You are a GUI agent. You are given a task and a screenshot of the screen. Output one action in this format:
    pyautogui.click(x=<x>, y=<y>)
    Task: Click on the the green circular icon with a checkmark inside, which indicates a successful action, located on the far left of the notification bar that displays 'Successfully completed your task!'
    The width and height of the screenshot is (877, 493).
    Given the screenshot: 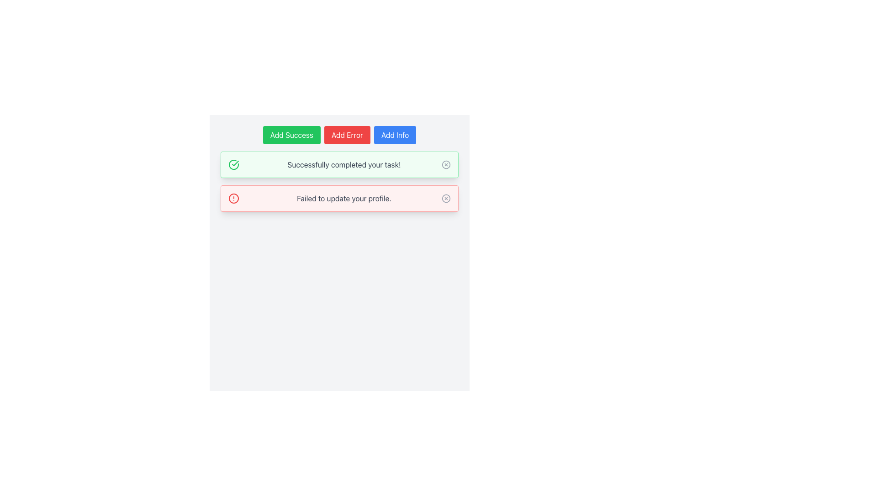 What is the action you would take?
    pyautogui.click(x=234, y=165)
    